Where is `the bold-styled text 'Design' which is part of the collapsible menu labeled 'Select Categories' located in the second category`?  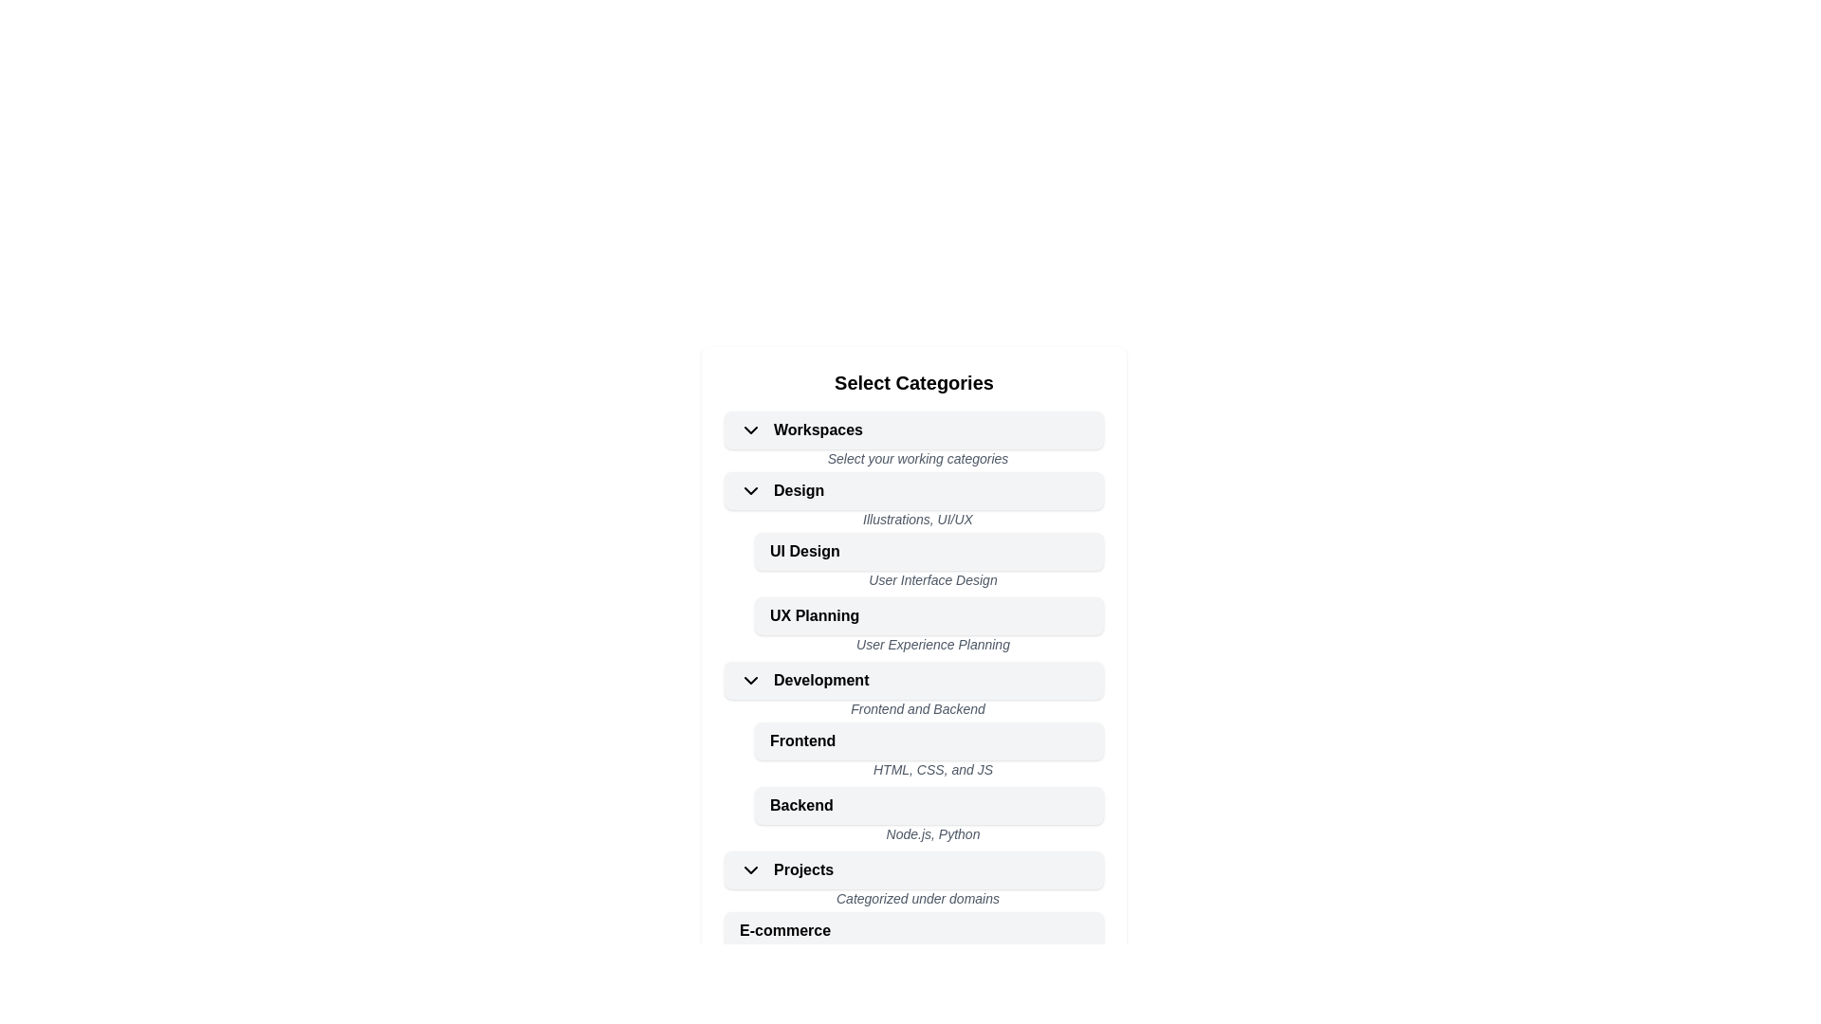 the bold-styled text 'Design' which is part of the collapsible menu labeled 'Select Categories' located in the second category is located at coordinates (799, 489).